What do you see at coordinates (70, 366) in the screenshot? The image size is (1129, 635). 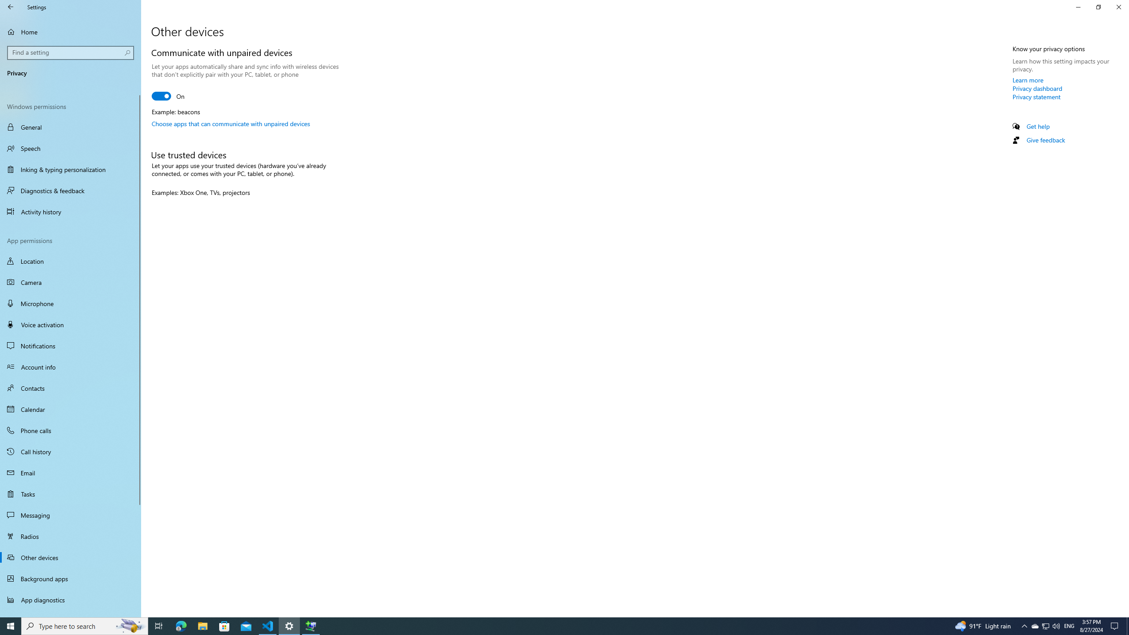 I see `'Account info'` at bounding box center [70, 366].